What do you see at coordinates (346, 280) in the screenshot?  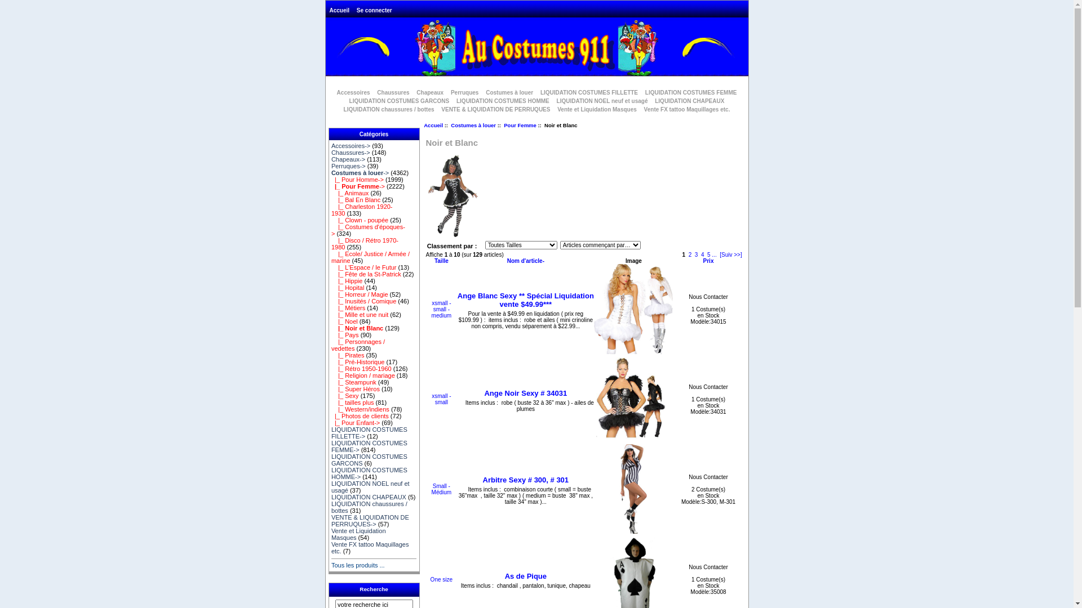 I see `'    |_ Hippie'` at bounding box center [346, 280].